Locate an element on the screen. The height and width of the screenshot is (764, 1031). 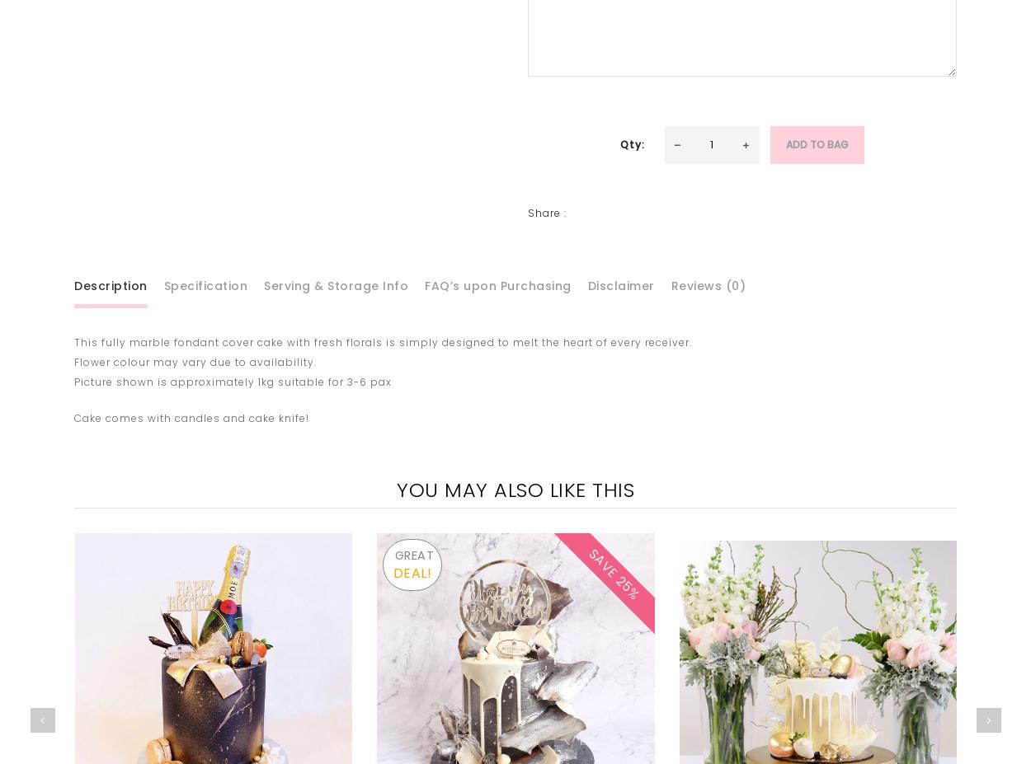
'Specification' is located at coordinates (204, 284).